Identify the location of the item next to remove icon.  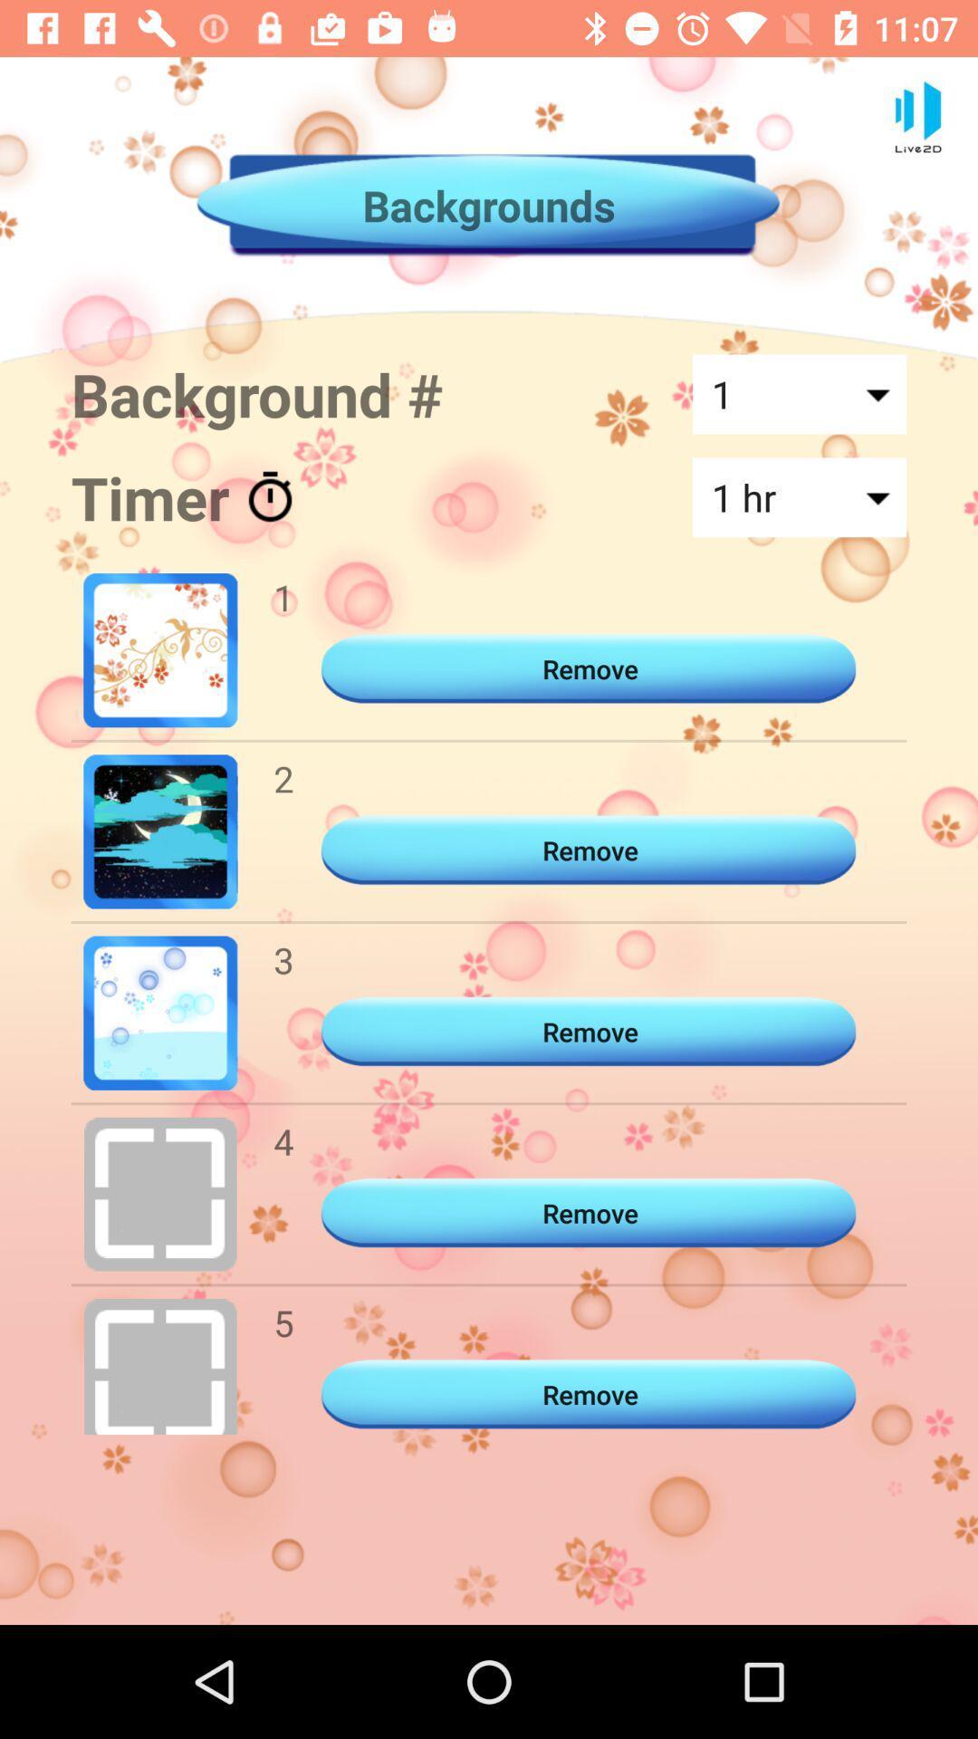
(283, 1140).